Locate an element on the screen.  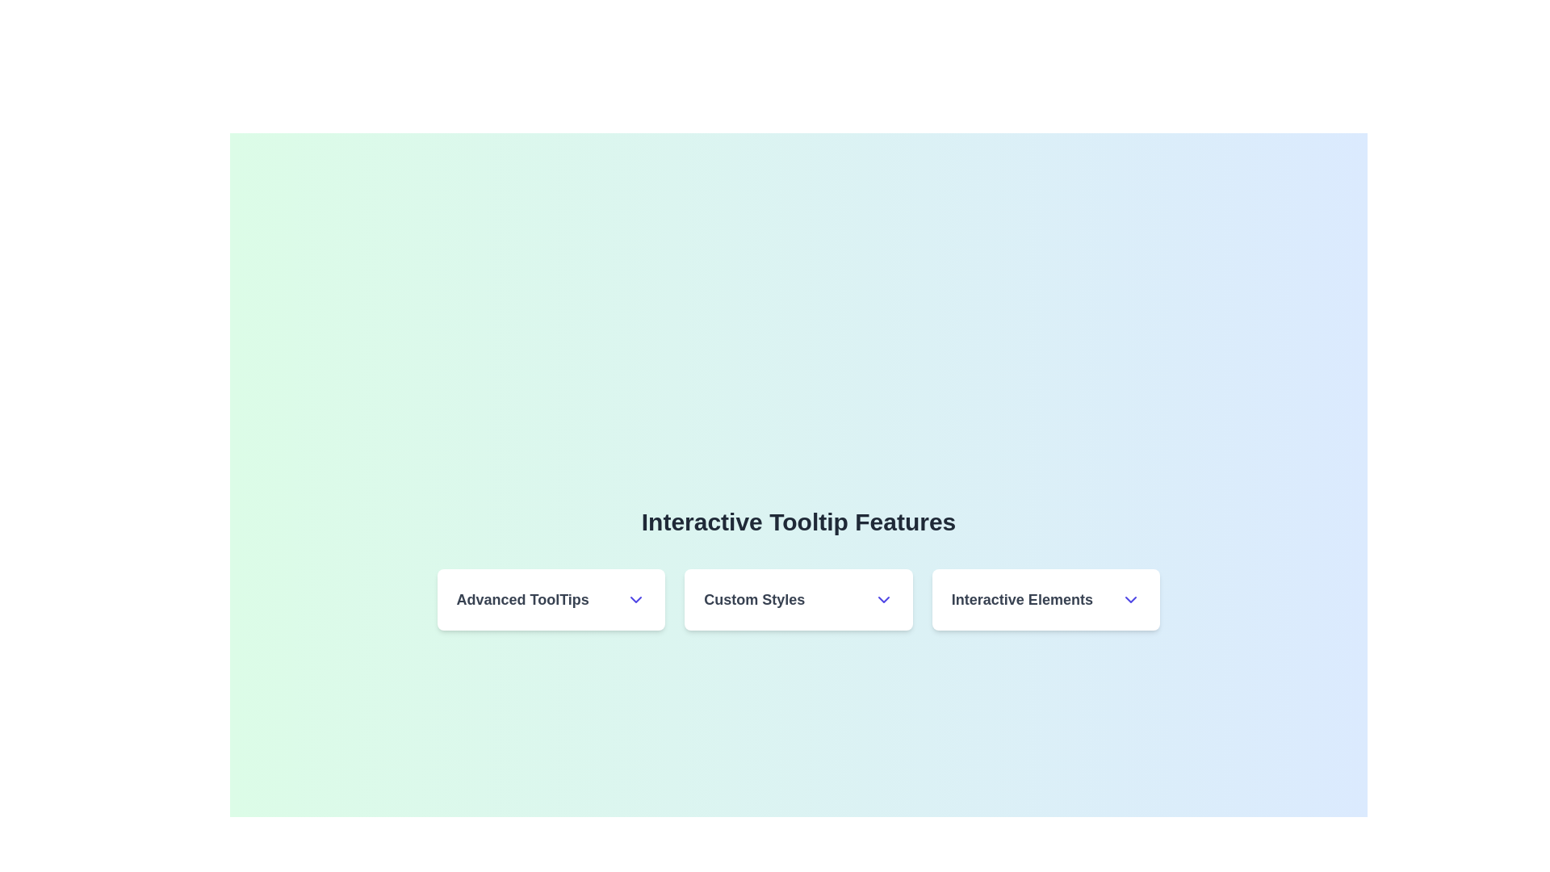
the indigo downward arrow icon associated with the 'Custom Styles' dropdown is located at coordinates (882, 600).